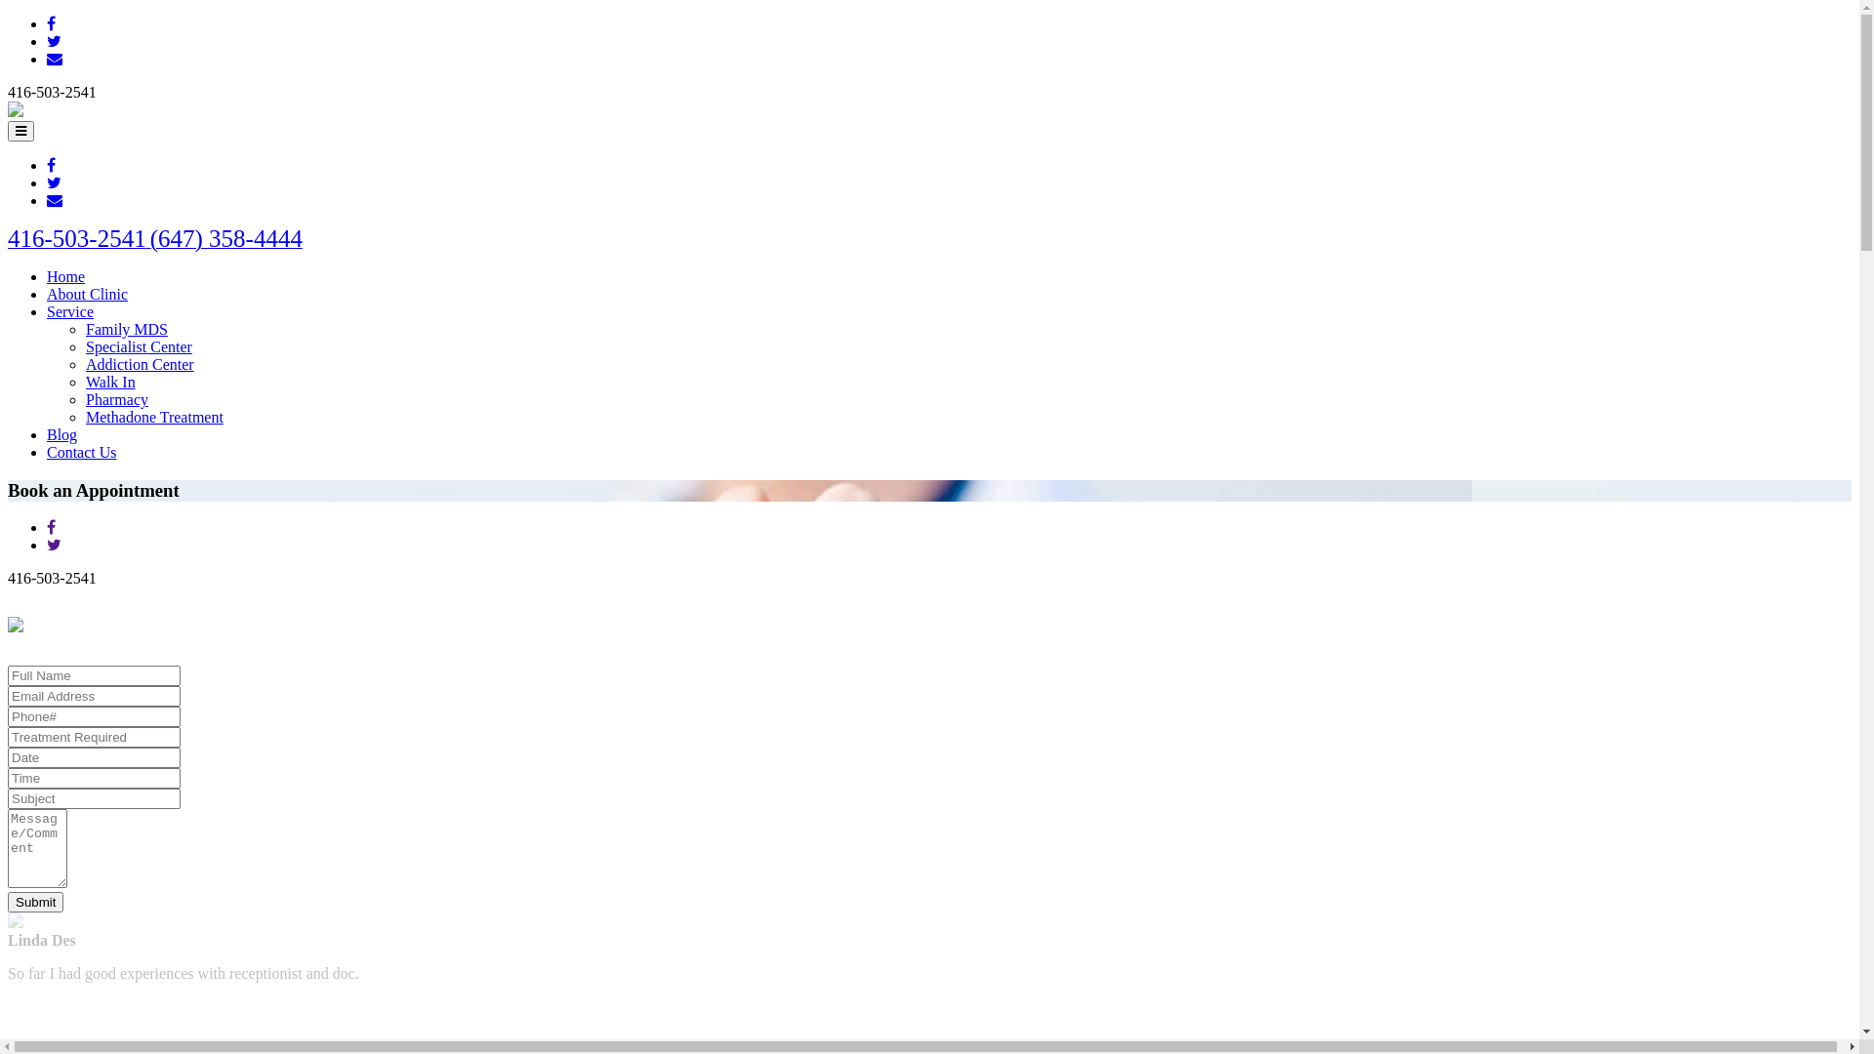 Image resolution: width=1874 pixels, height=1054 pixels. What do you see at coordinates (84, 416) in the screenshot?
I see `'Methadone Treatment'` at bounding box center [84, 416].